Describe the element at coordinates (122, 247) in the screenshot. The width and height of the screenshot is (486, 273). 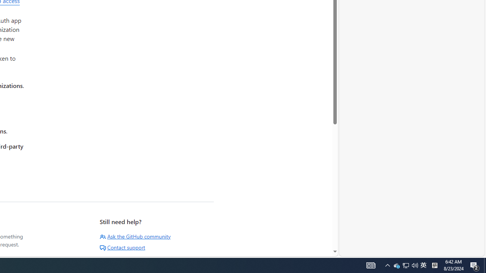
I see `'Contact support'` at that location.